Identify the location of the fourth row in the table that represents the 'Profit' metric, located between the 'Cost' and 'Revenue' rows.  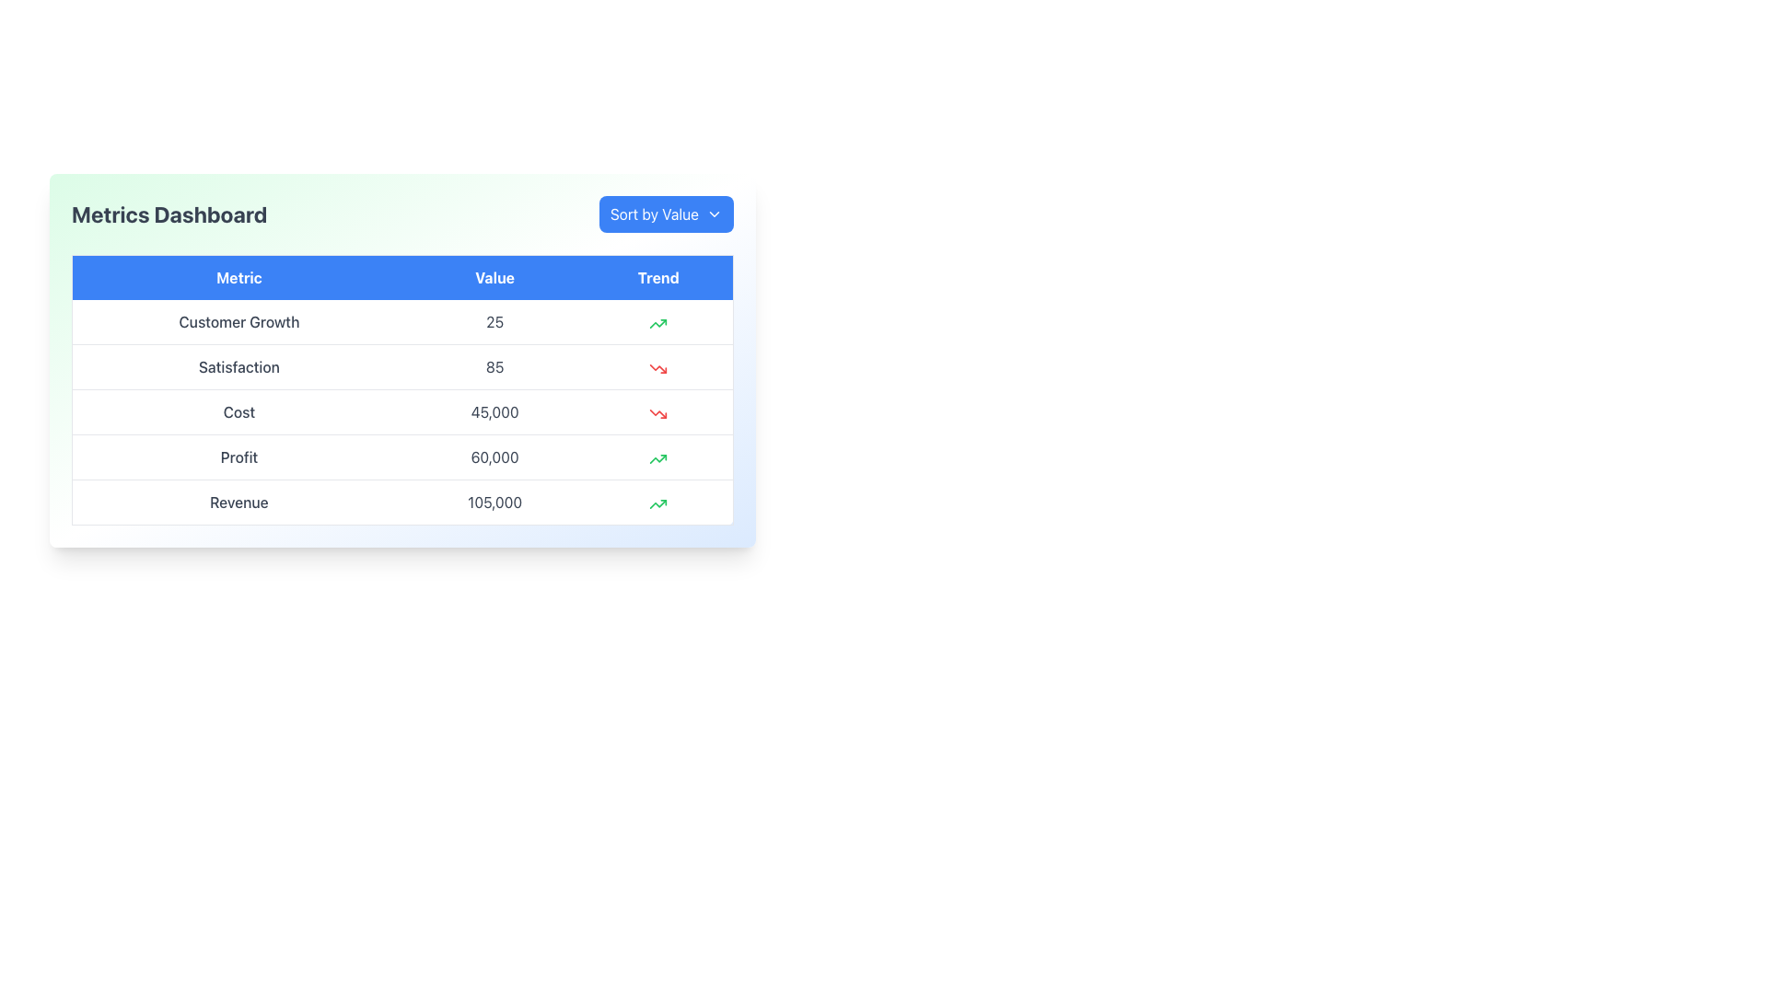
(401, 457).